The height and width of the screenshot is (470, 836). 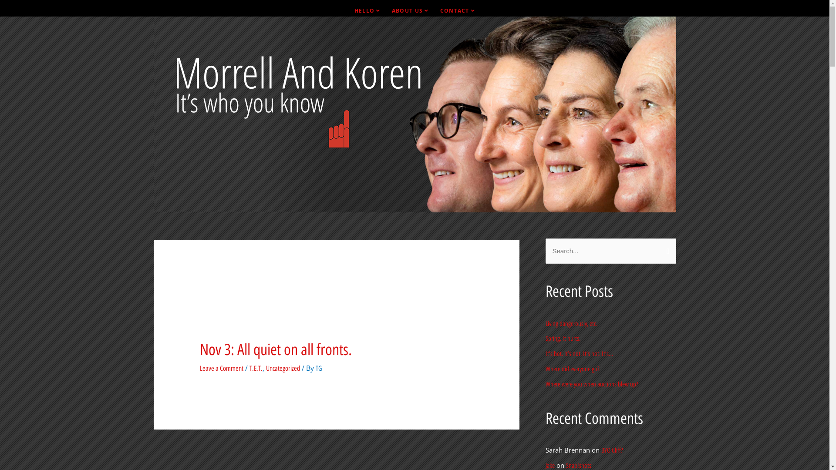 I want to click on 'CONTACT', so click(x=457, y=10).